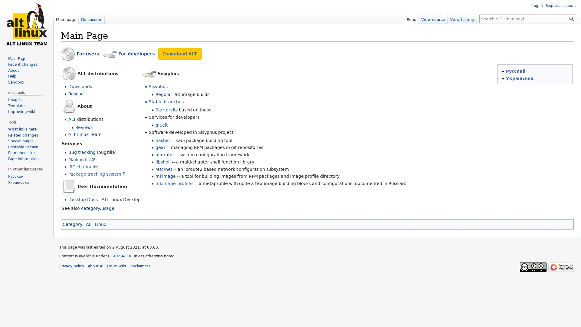 The image size is (581, 327). What do you see at coordinates (571, 18) in the screenshot?
I see `Go` at bounding box center [571, 18].